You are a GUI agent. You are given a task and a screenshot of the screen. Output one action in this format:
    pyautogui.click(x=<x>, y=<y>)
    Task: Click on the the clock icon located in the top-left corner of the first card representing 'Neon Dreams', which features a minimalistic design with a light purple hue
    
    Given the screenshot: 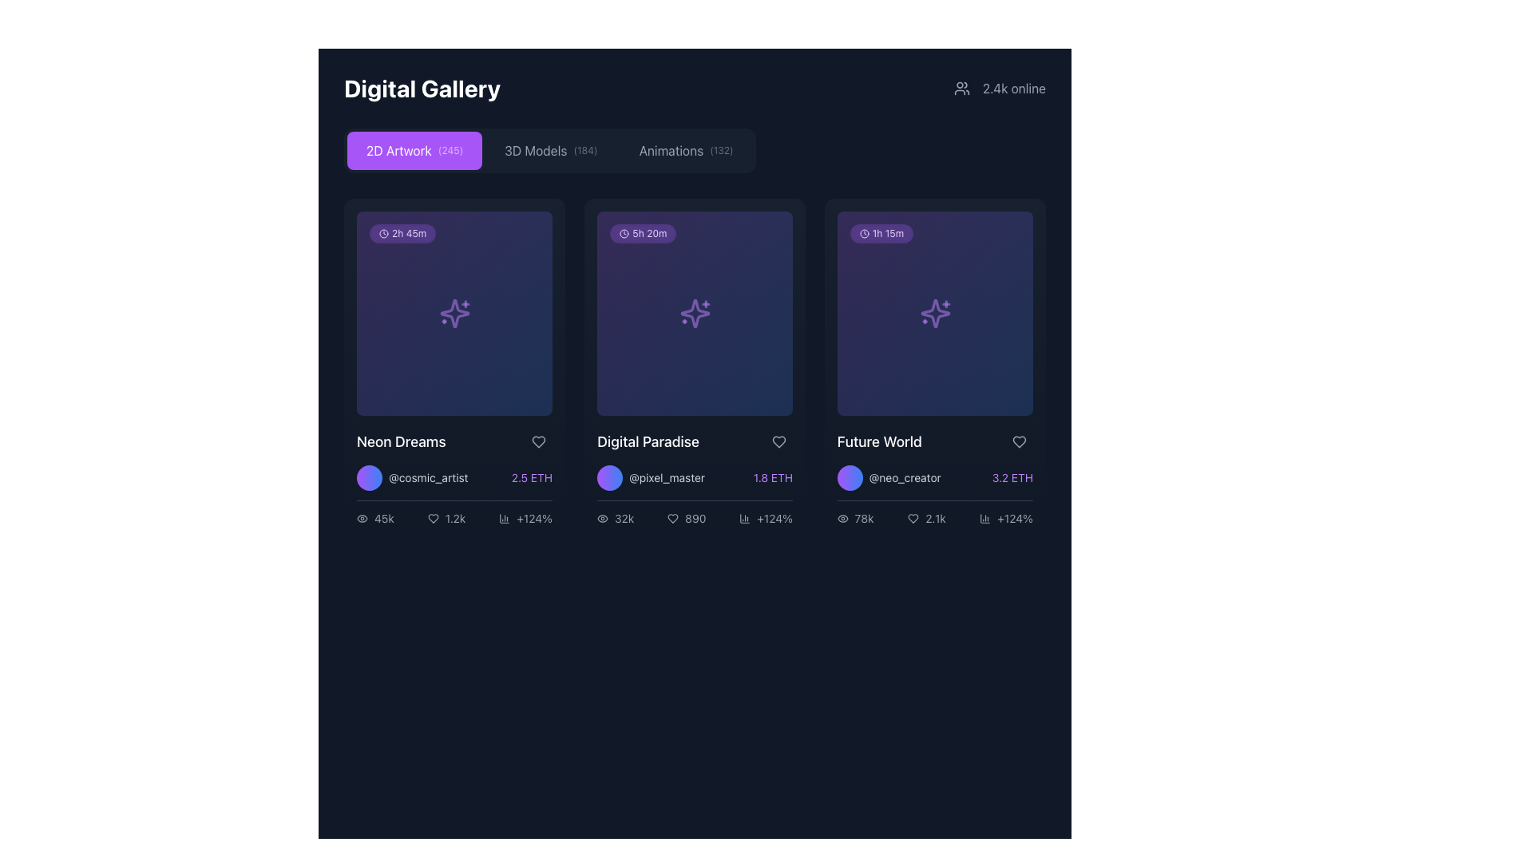 What is the action you would take?
    pyautogui.click(x=383, y=234)
    